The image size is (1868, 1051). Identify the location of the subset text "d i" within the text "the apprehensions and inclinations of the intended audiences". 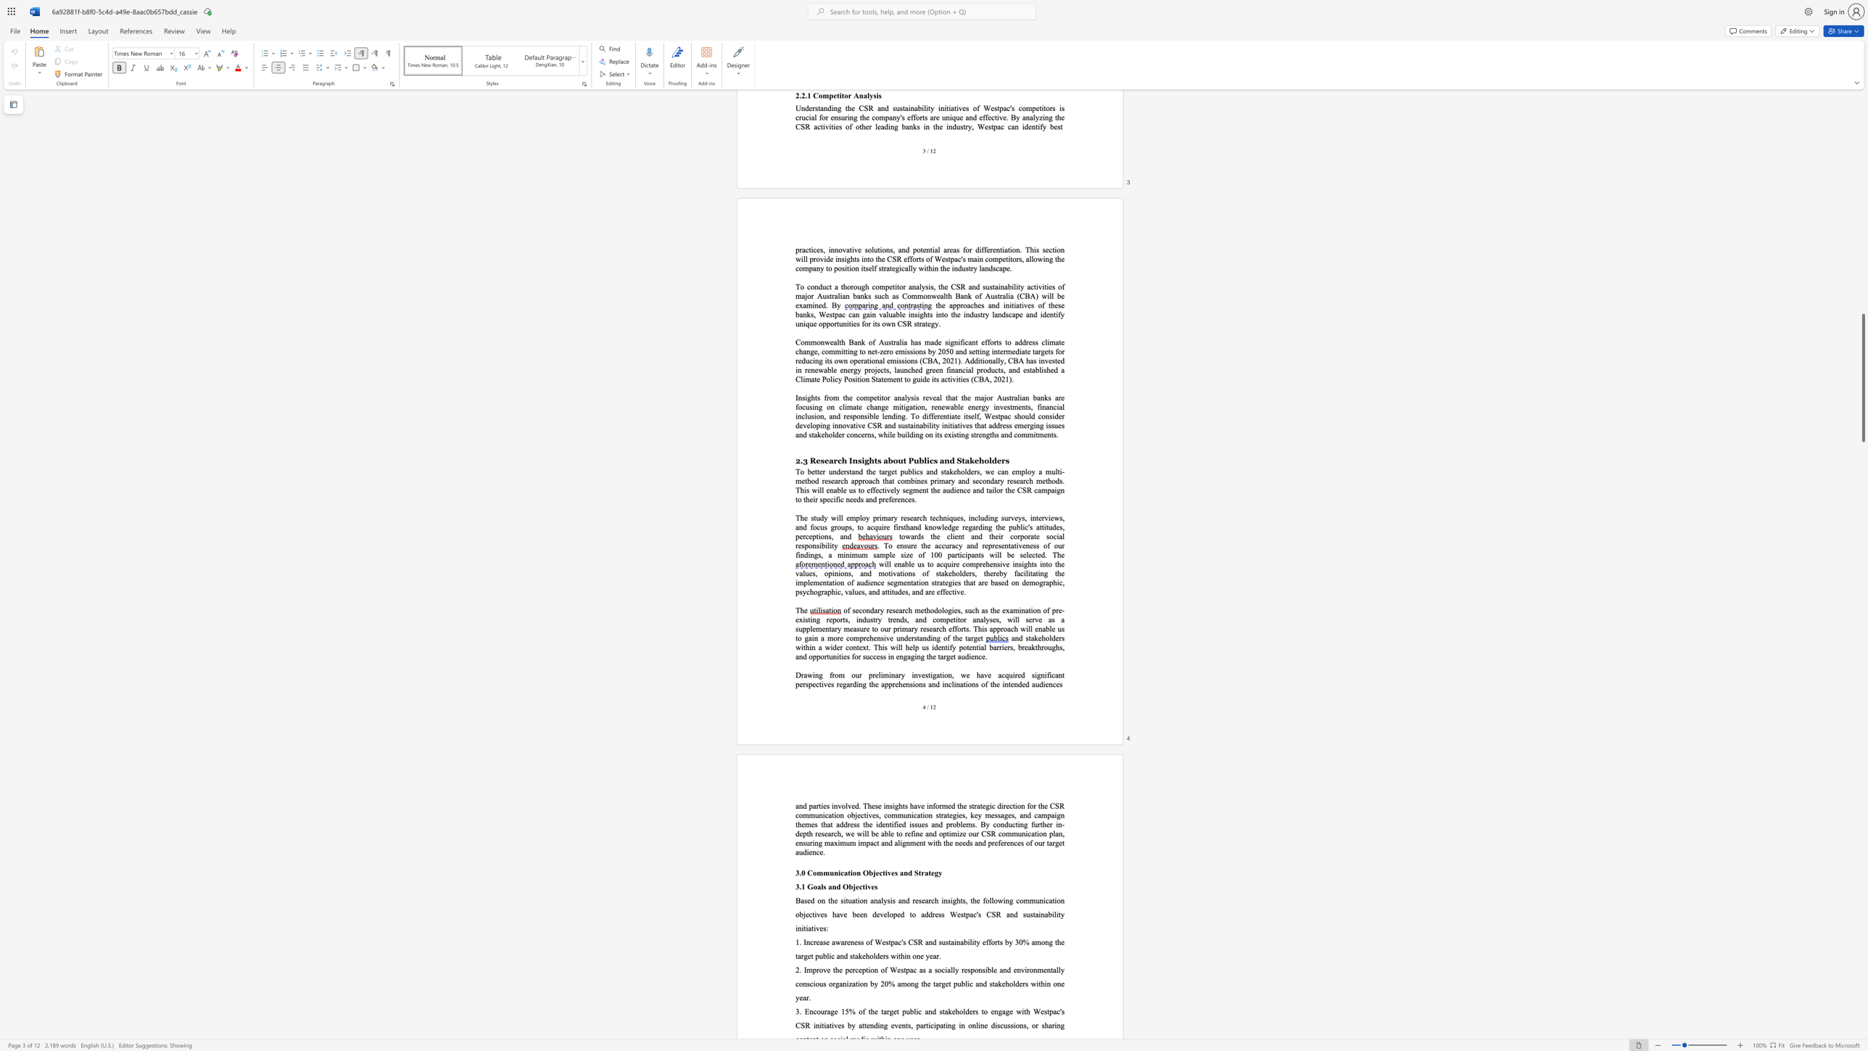
(935, 684).